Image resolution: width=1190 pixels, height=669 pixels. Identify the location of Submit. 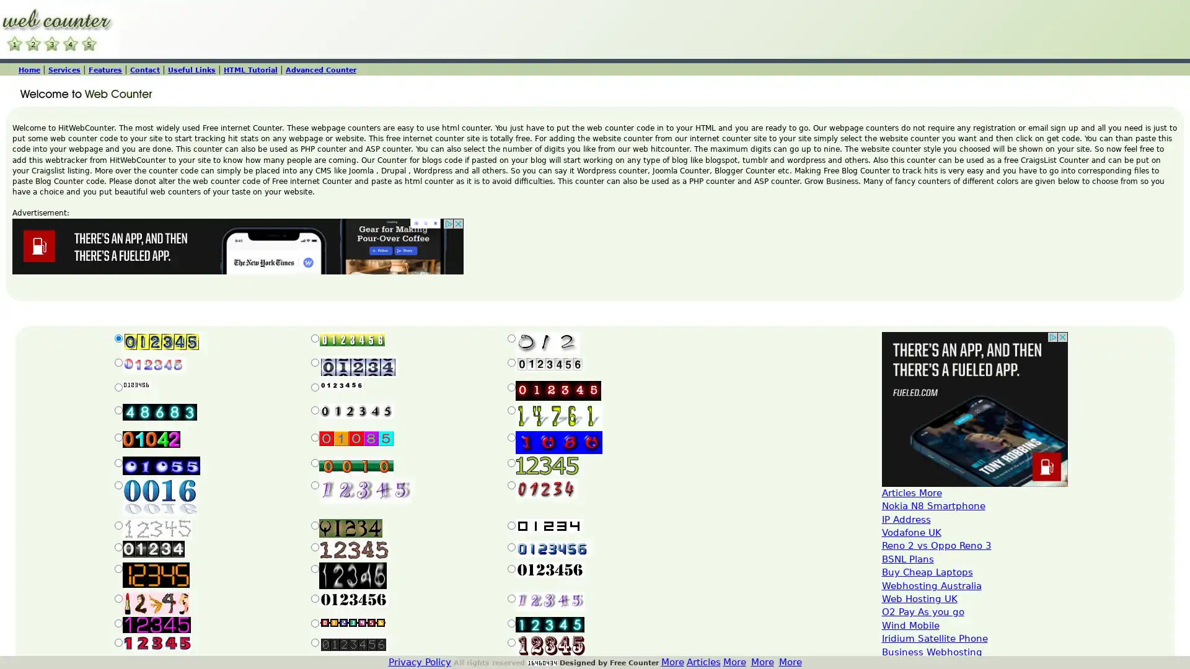
(157, 528).